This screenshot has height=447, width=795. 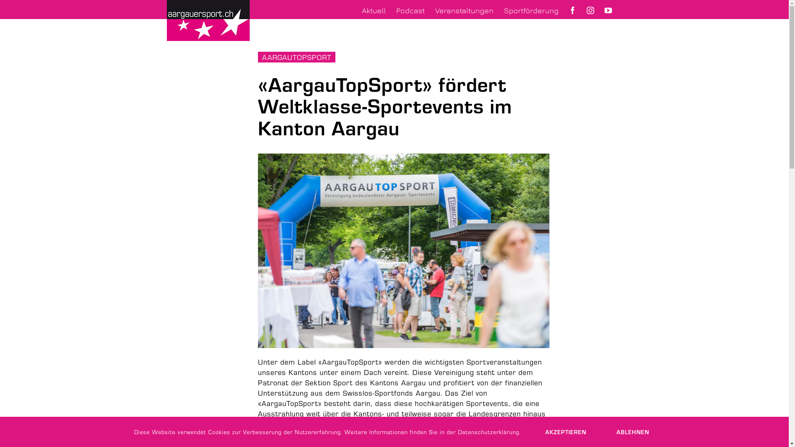 I want to click on 'Aargauersport auf YouTube', so click(x=608, y=11).